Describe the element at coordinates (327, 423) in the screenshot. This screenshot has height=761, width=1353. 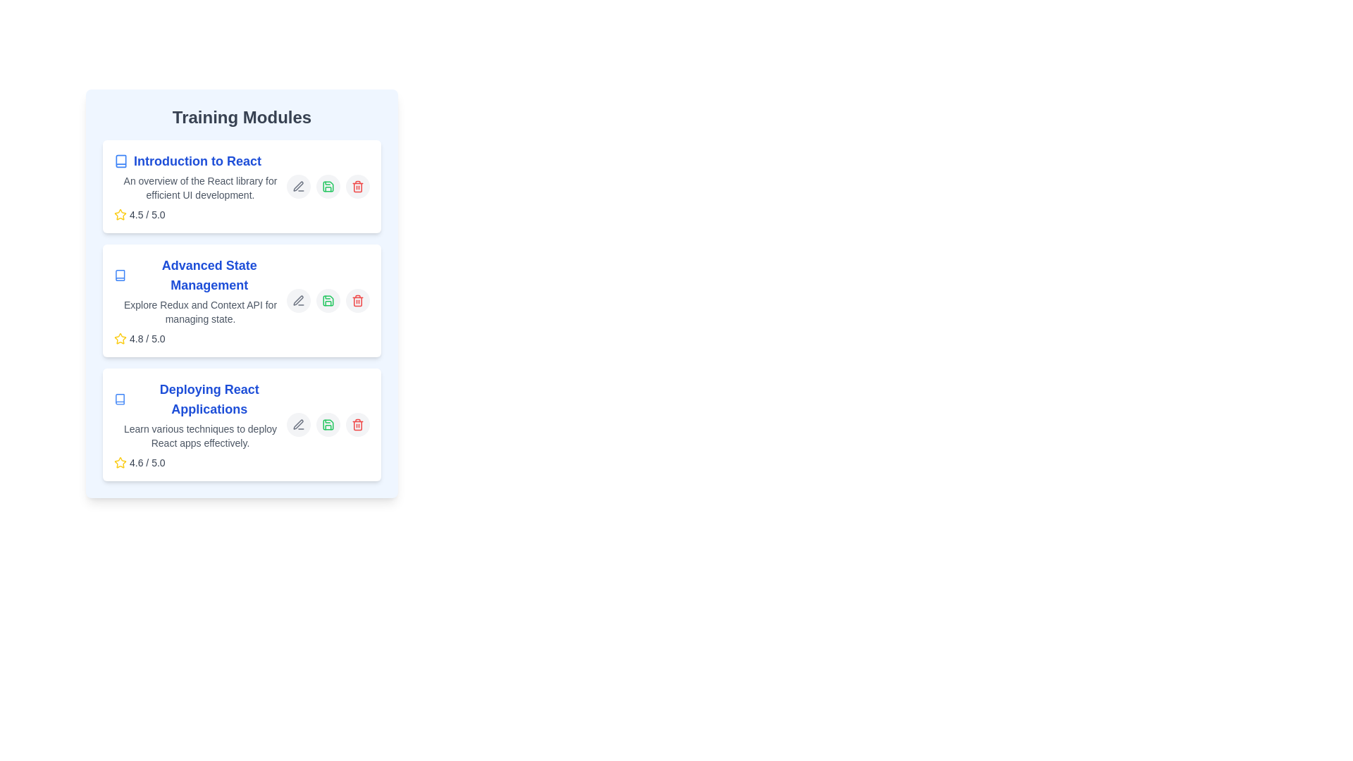
I see `the save button in the 'Deploying React Applications' module` at that location.